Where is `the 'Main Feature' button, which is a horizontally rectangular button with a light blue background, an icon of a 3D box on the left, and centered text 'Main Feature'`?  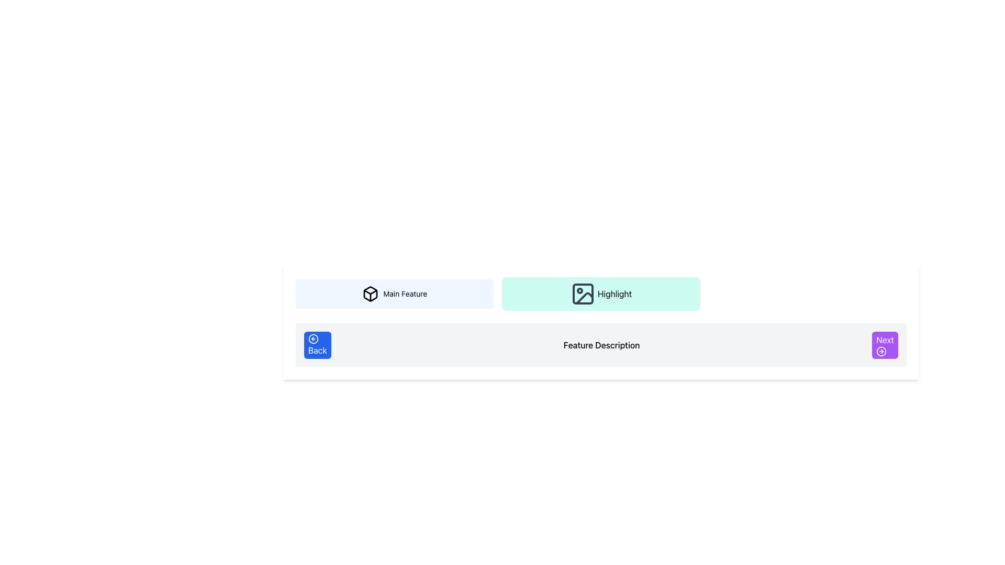 the 'Main Feature' button, which is a horizontally rectangular button with a light blue background, an icon of a 3D box on the left, and centered text 'Main Feature' is located at coordinates (394, 294).